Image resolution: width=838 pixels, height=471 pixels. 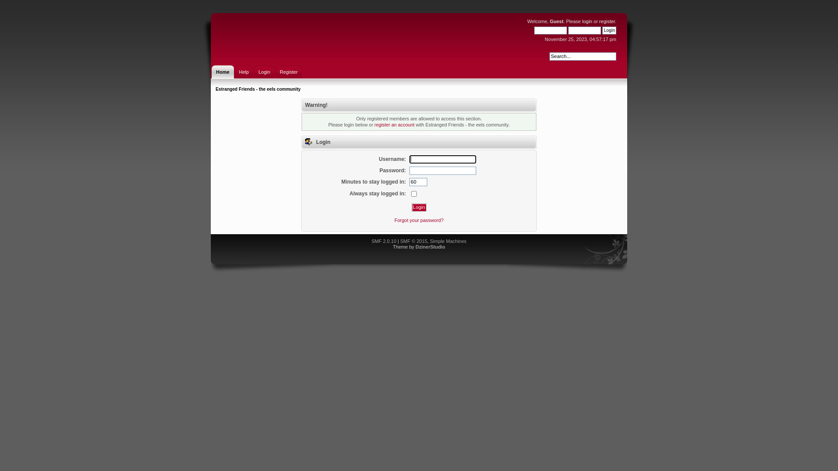 I want to click on 'Login', so click(x=264, y=72).